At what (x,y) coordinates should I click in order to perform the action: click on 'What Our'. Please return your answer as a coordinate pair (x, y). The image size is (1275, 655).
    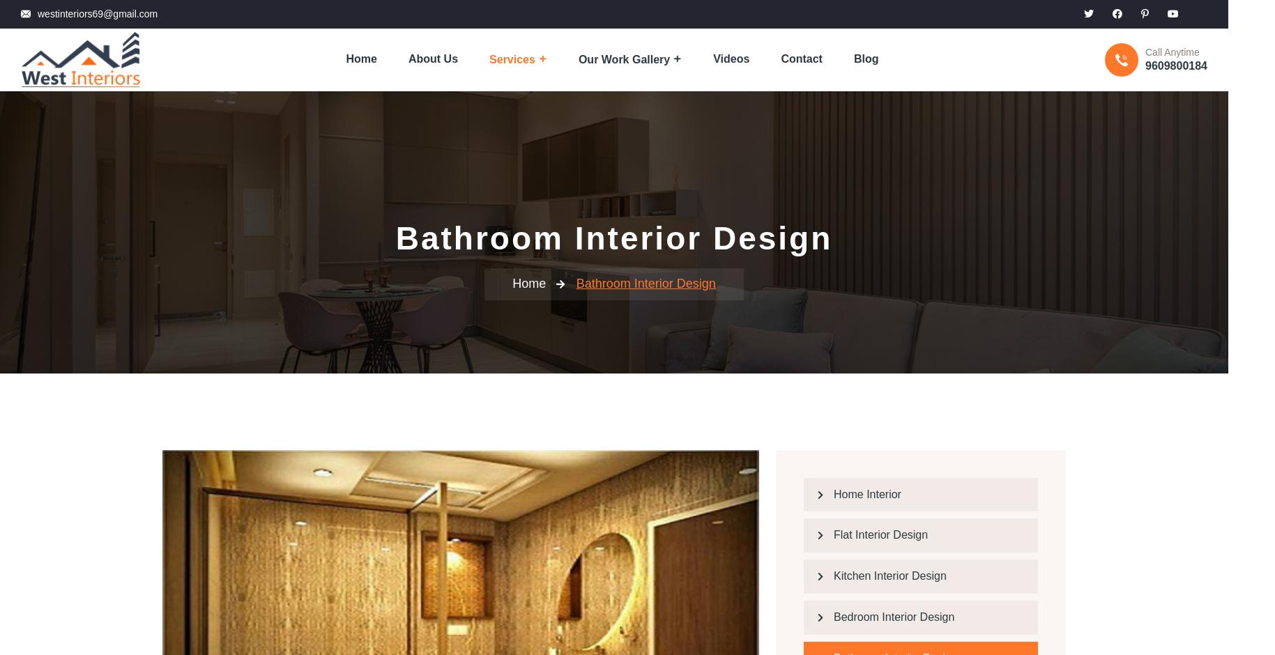
    Looking at the image, I should click on (523, 571).